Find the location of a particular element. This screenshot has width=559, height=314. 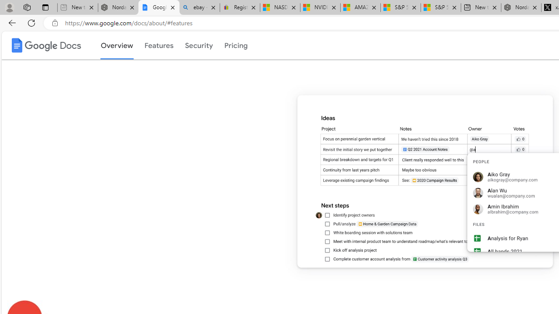

'New tab - Sleeping' is located at coordinates (77, 7).